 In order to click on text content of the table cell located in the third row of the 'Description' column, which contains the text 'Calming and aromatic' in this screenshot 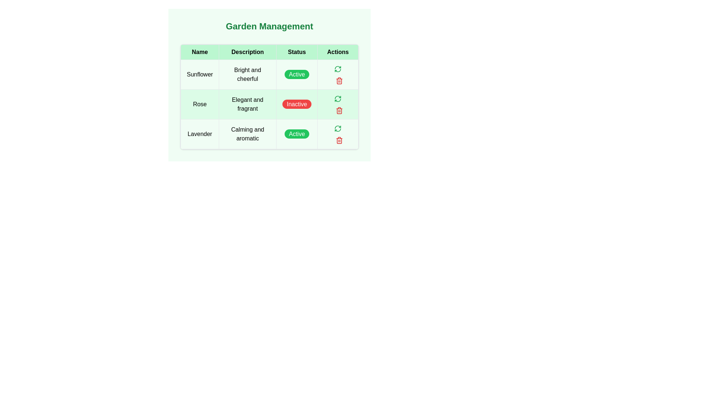, I will do `click(247, 134)`.